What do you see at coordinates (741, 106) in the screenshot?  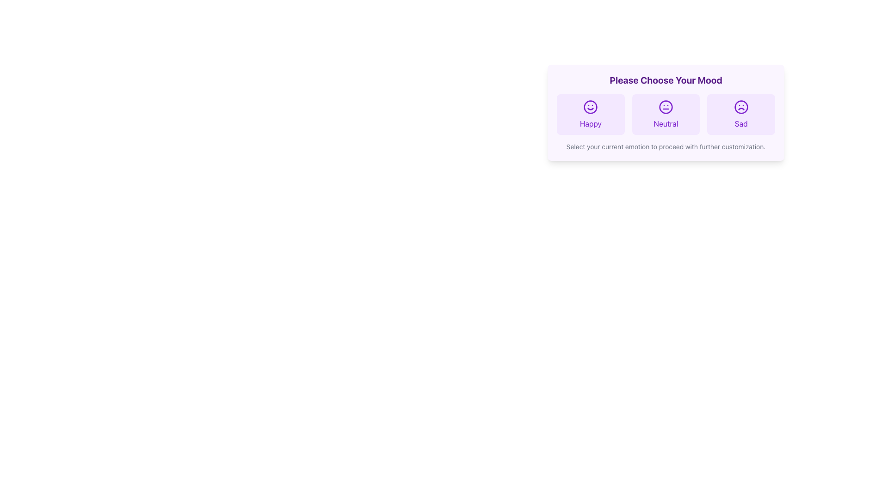 I see `the circular outline of the sad emoji icon, which is the third option from the left in the mood selection section labeled 'Please Choose Your Mood'` at bounding box center [741, 106].